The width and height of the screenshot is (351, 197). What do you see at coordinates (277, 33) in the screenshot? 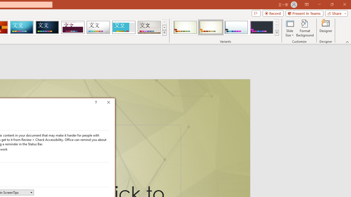
I see `'Variants'` at bounding box center [277, 33].